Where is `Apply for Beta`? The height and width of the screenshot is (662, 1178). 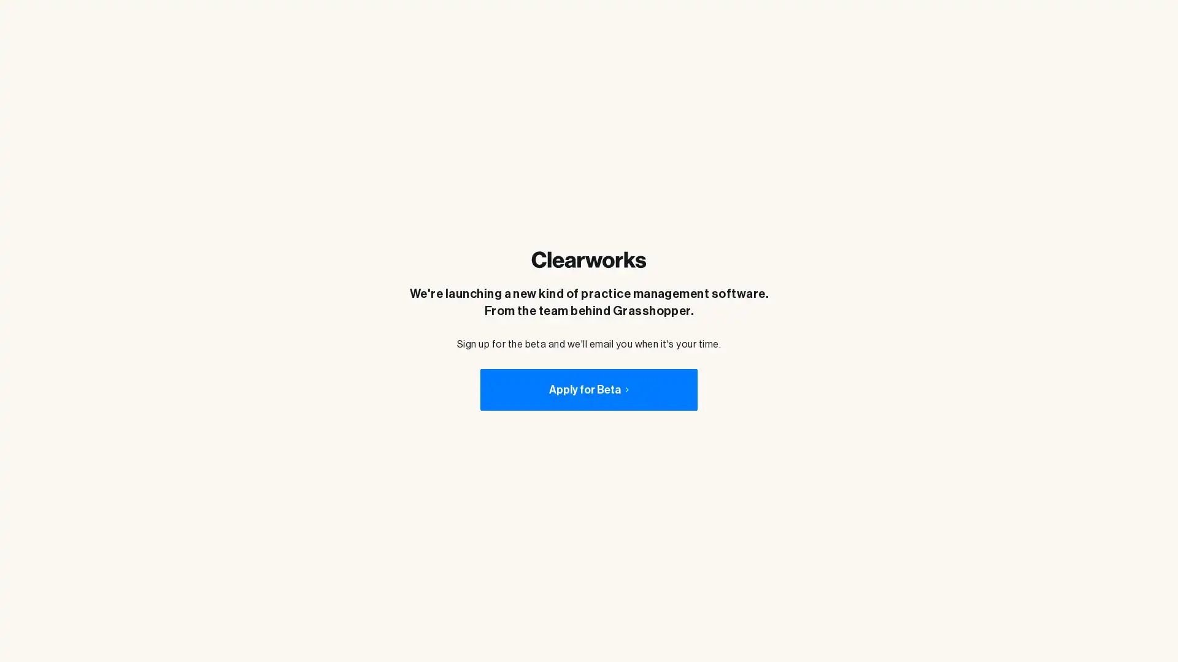 Apply for Beta is located at coordinates (588, 390).